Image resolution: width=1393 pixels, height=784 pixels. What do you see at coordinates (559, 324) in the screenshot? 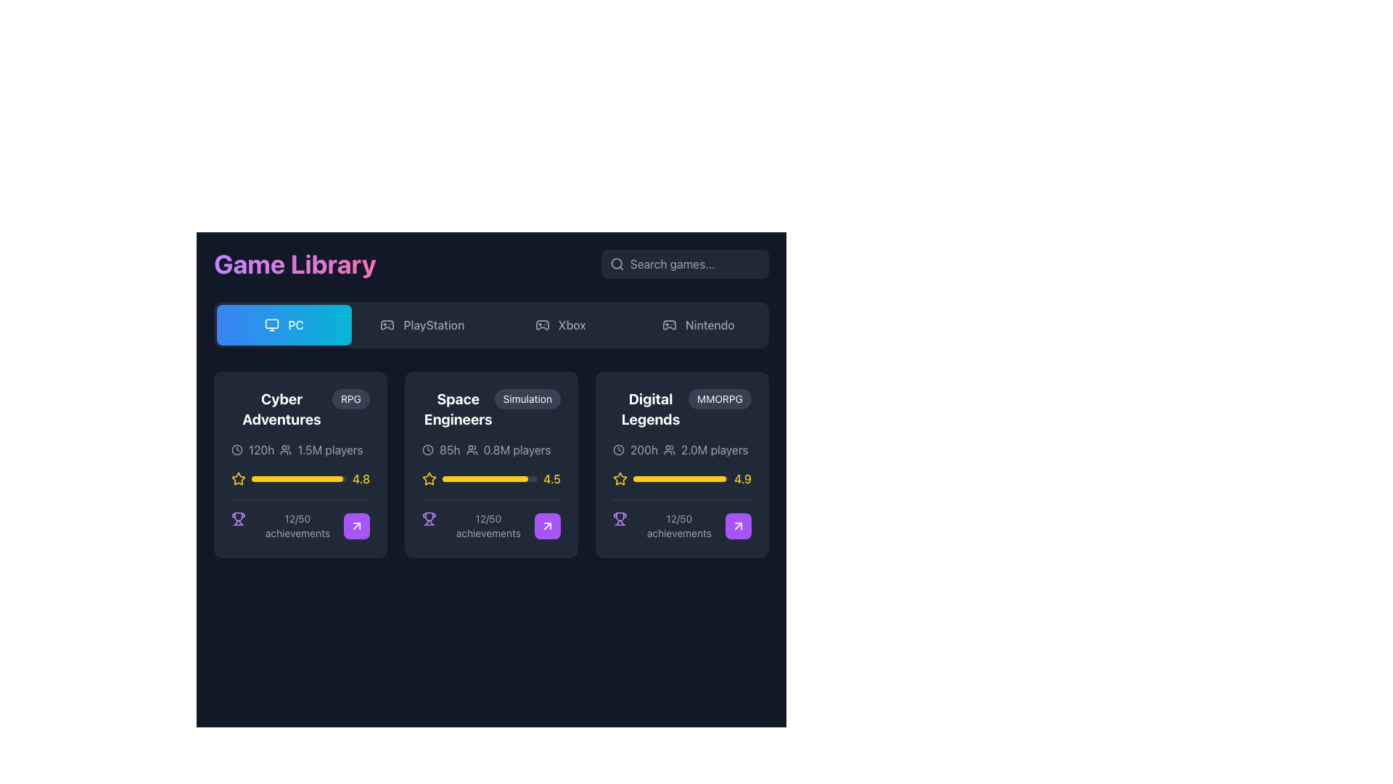
I see `the Xbox filter button, which is the third button in a horizontal row of platform options, located to the right of the PlayStation button and to the left of the Nintendo button` at bounding box center [559, 324].